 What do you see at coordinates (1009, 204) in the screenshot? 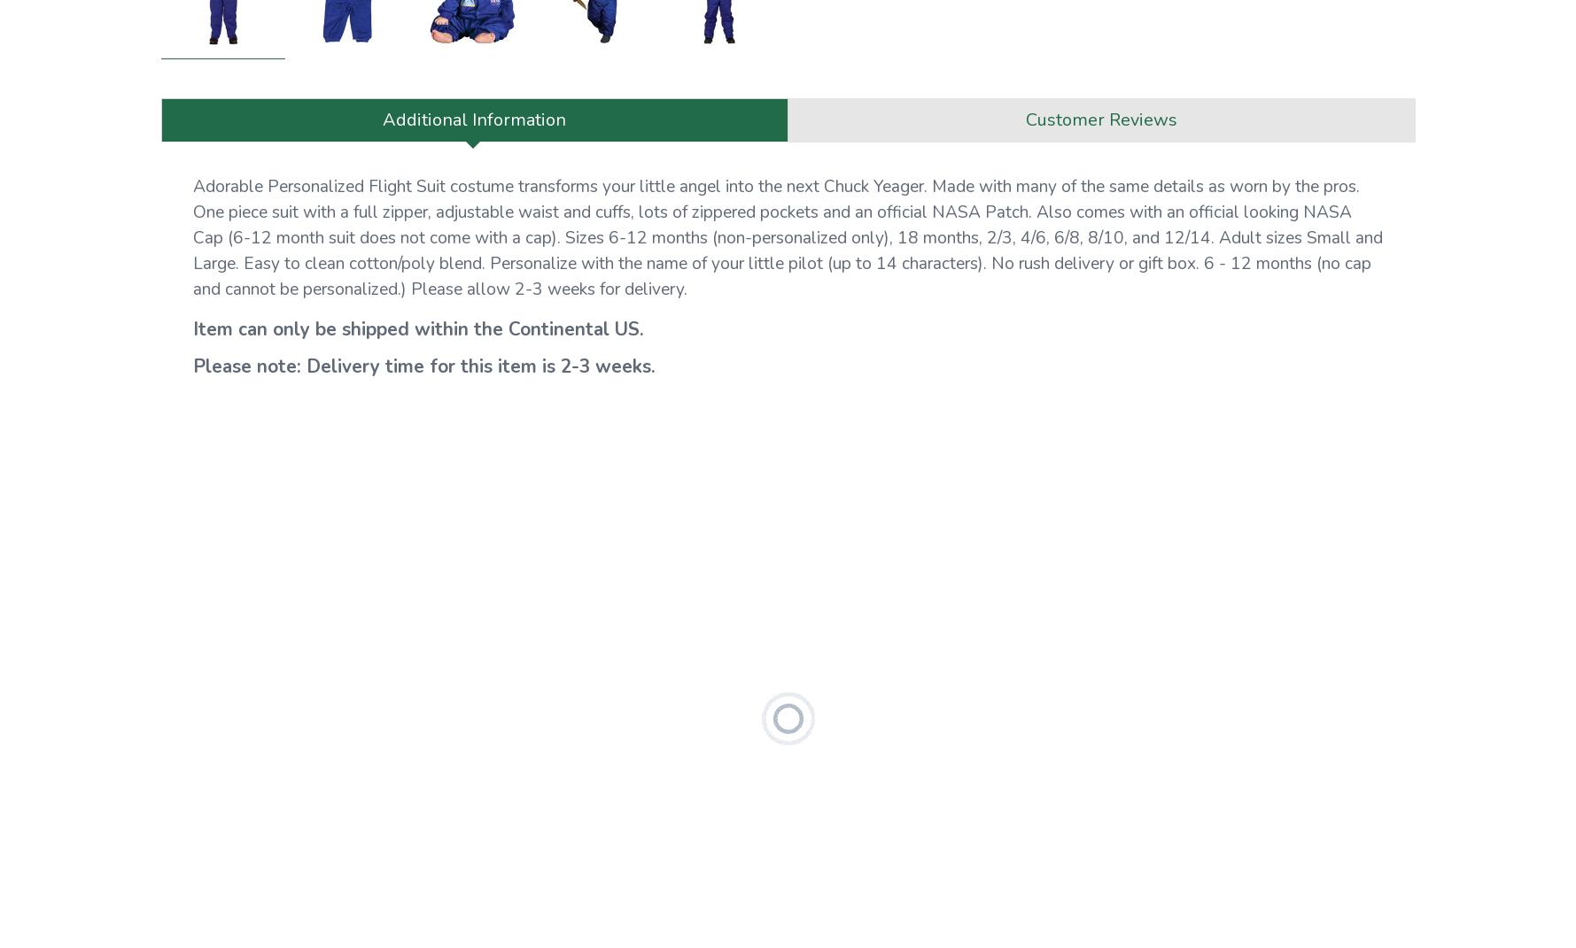
I see `'Browse our Digital Catalog'` at bounding box center [1009, 204].